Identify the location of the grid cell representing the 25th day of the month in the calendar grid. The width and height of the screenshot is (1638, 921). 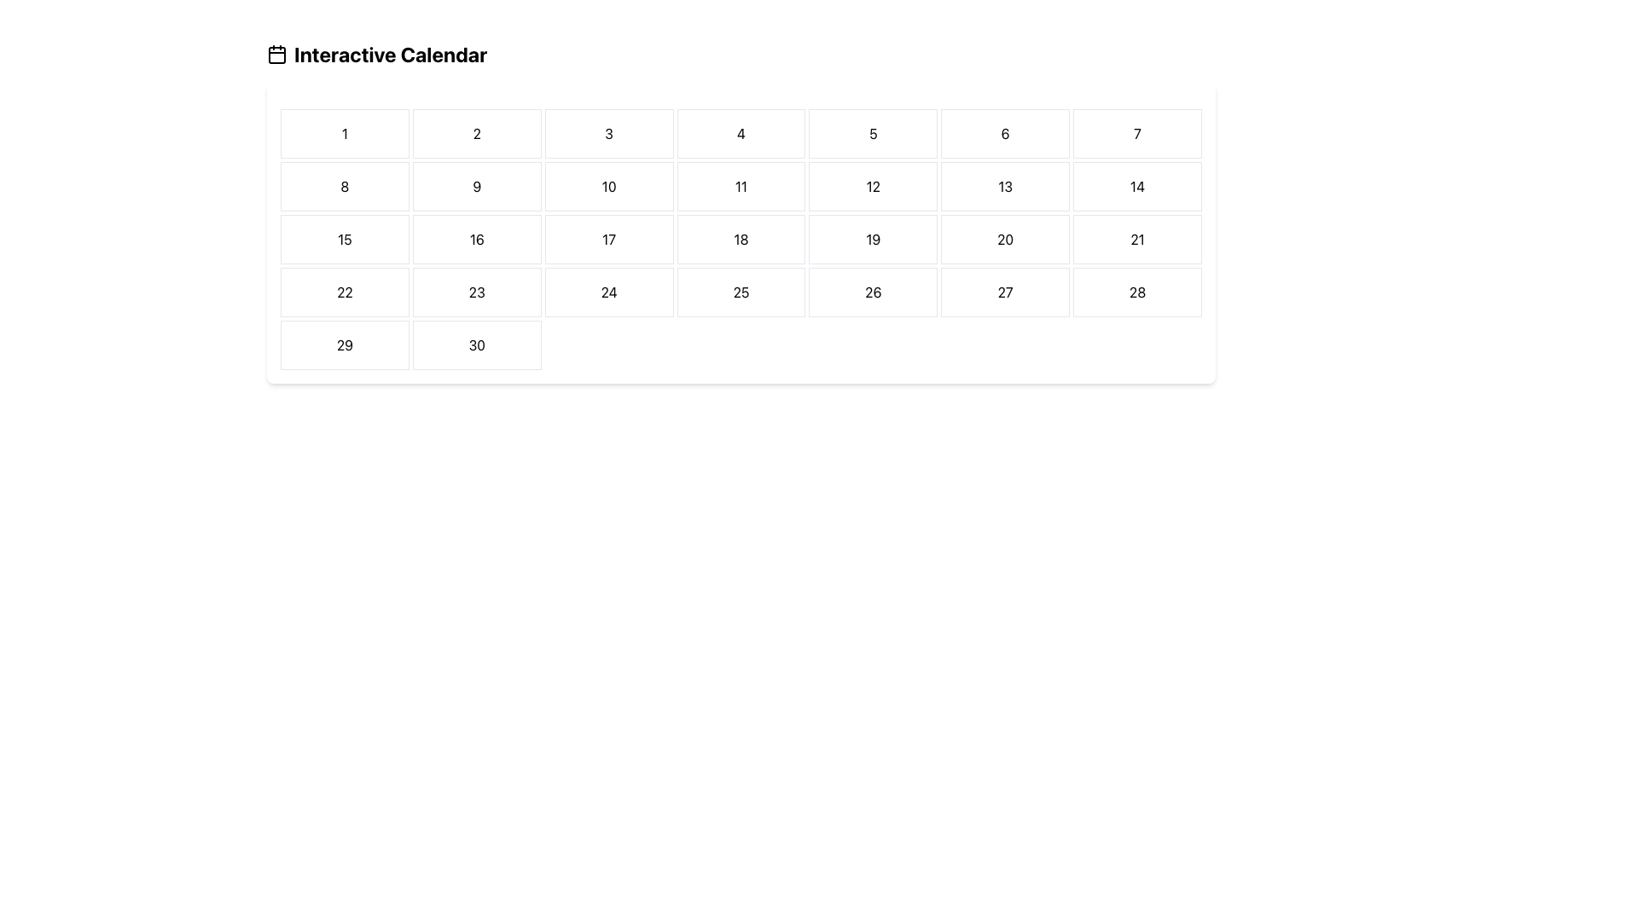
(741, 292).